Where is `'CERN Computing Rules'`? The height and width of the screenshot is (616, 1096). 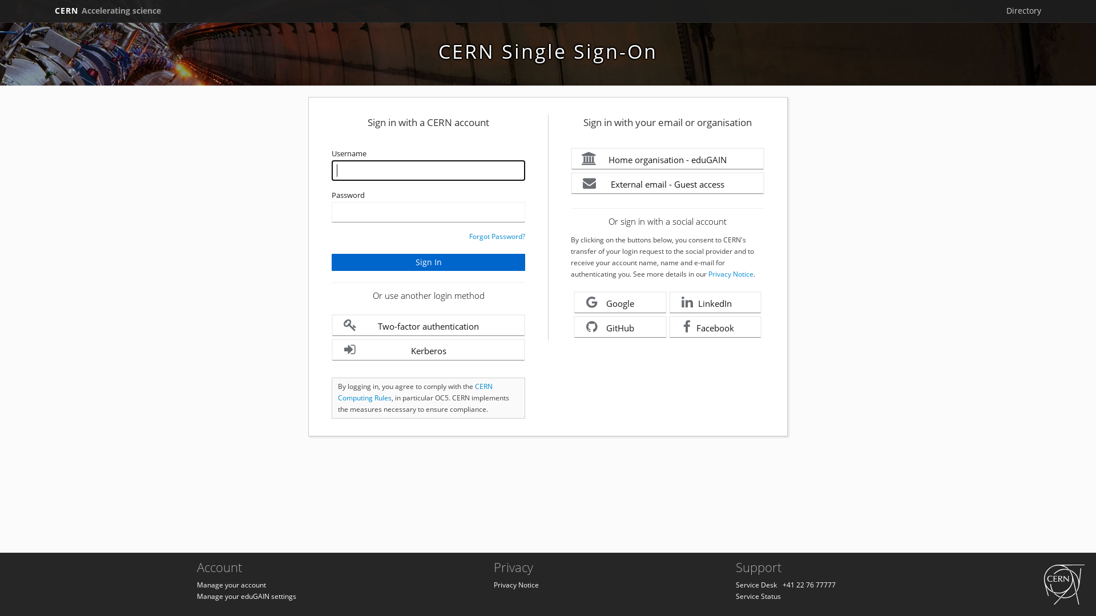 'CERN Computing Rules' is located at coordinates (414, 391).